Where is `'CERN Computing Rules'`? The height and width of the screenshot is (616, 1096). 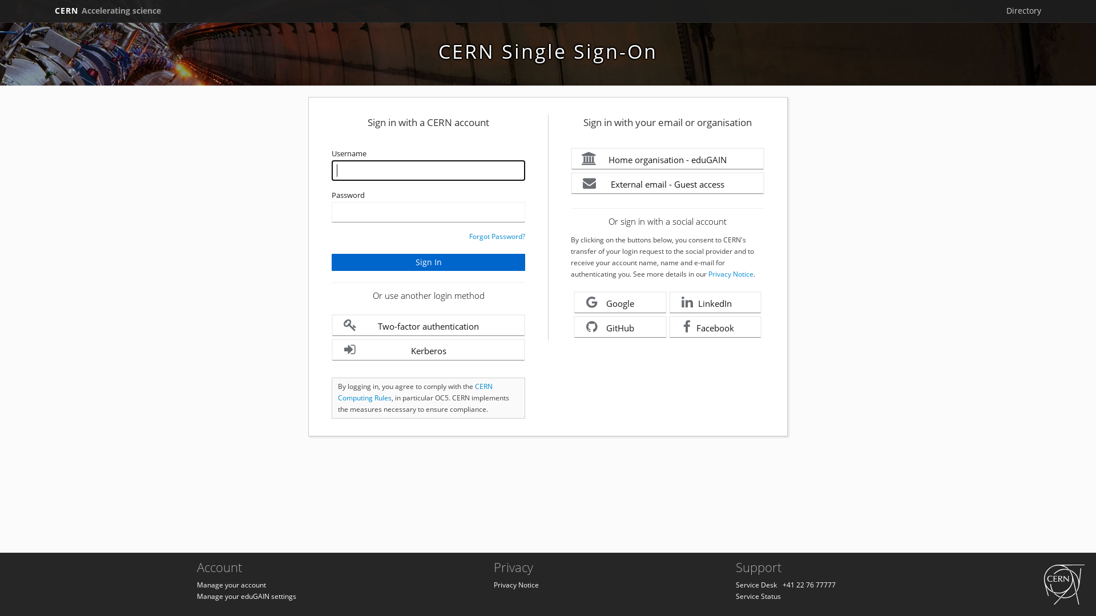 'CERN Computing Rules' is located at coordinates (414, 391).